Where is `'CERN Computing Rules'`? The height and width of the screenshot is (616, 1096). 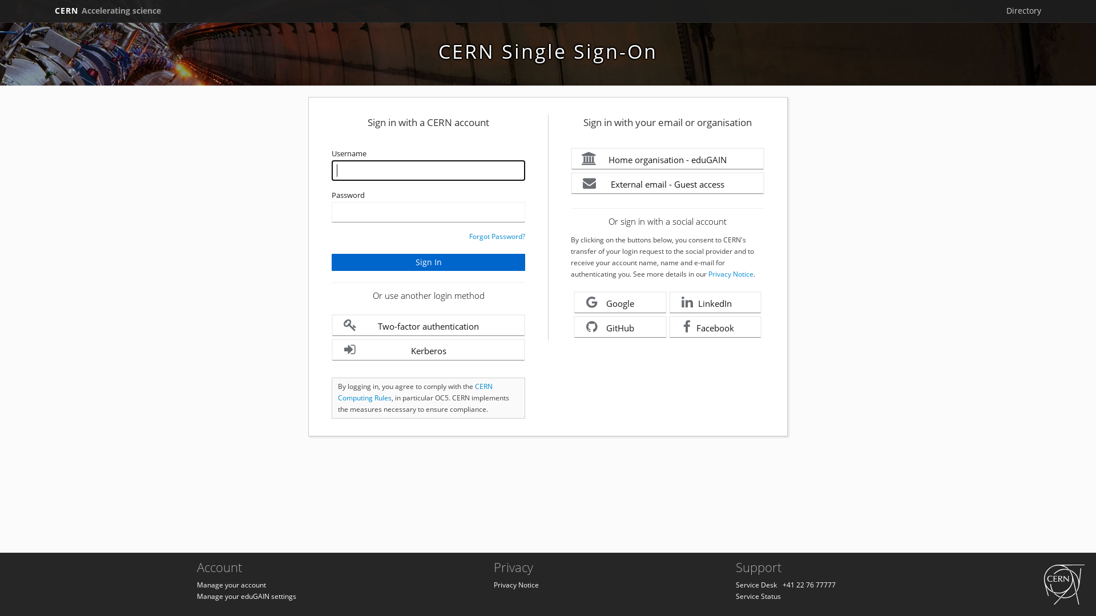 'CERN Computing Rules' is located at coordinates (414, 391).